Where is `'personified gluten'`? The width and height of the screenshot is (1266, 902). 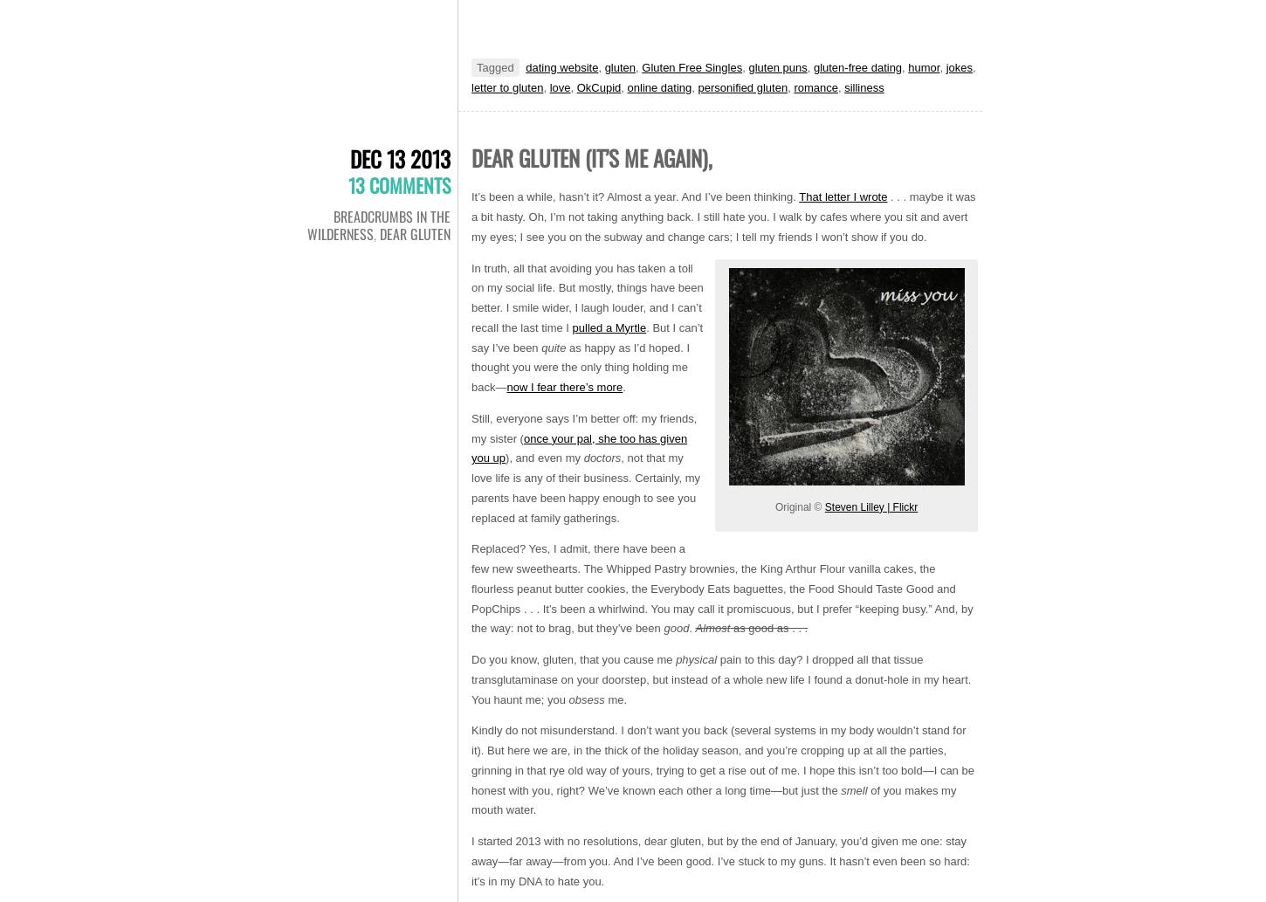
'personified gluten' is located at coordinates (741, 86).